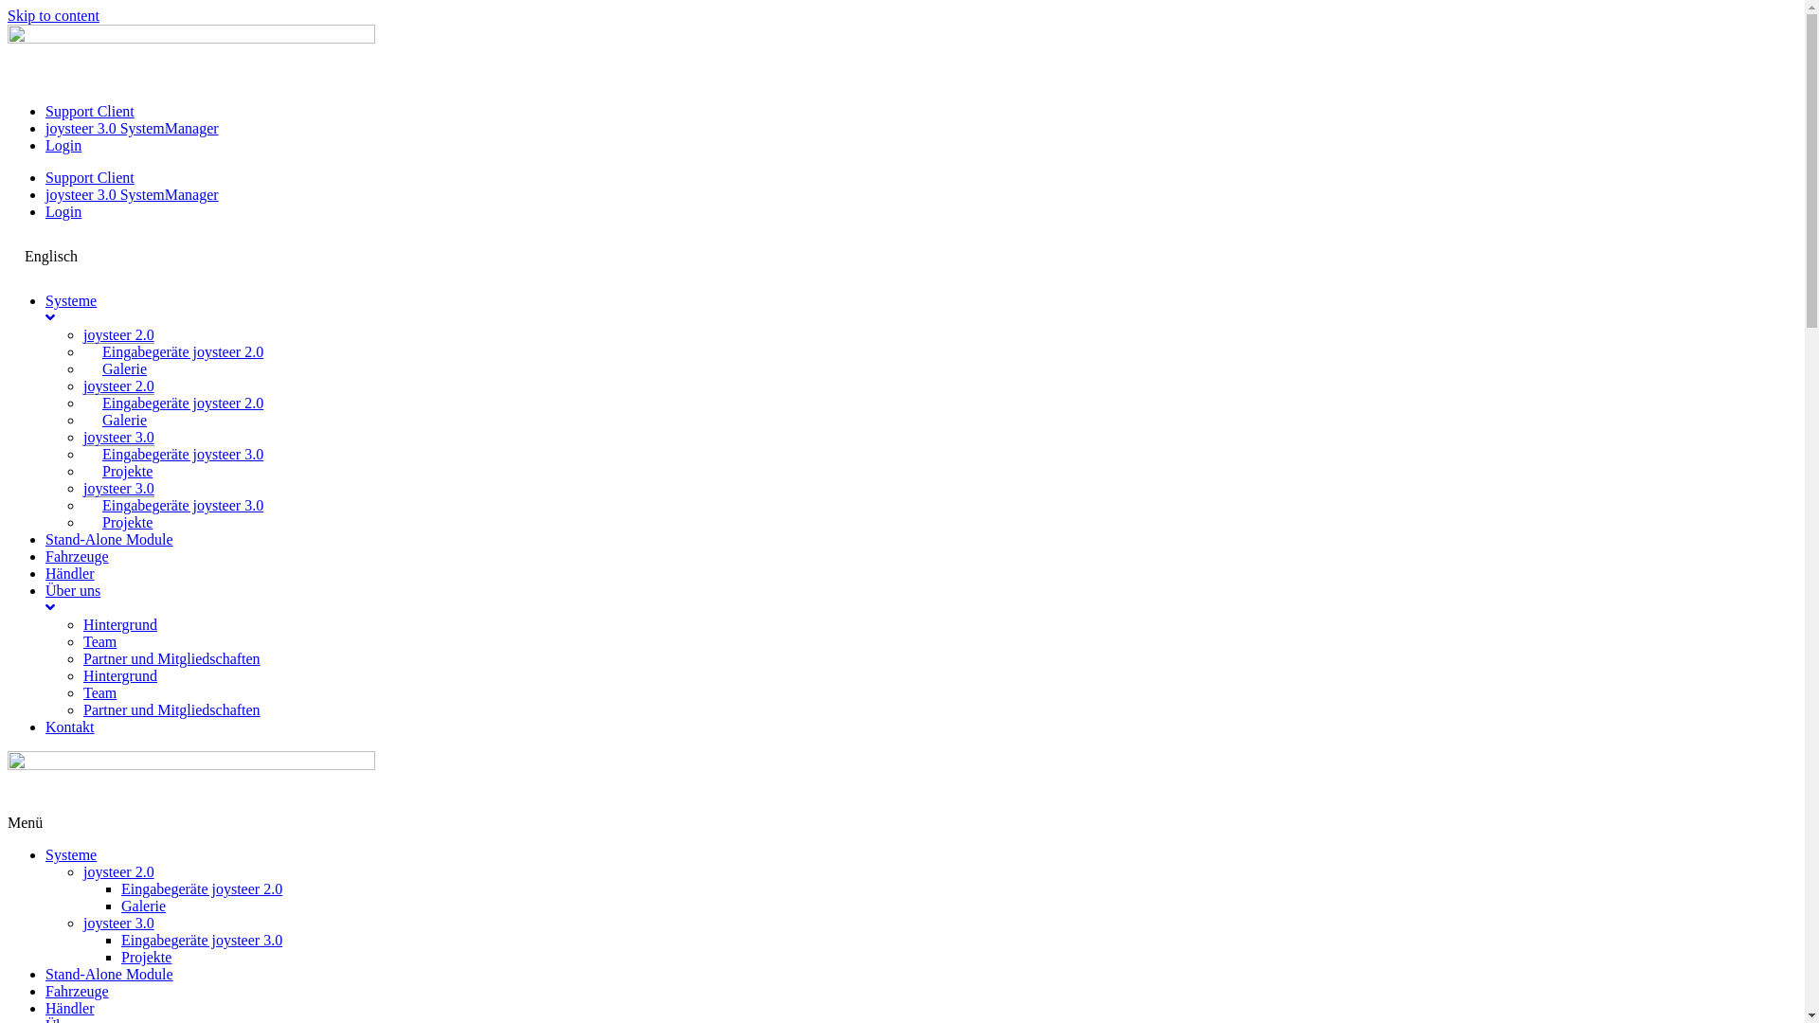 The height and width of the screenshot is (1023, 1819). I want to click on 'Support Client', so click(89, 177).